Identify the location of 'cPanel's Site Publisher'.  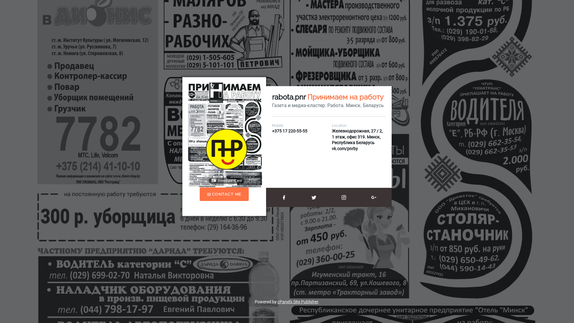
(298, 302).